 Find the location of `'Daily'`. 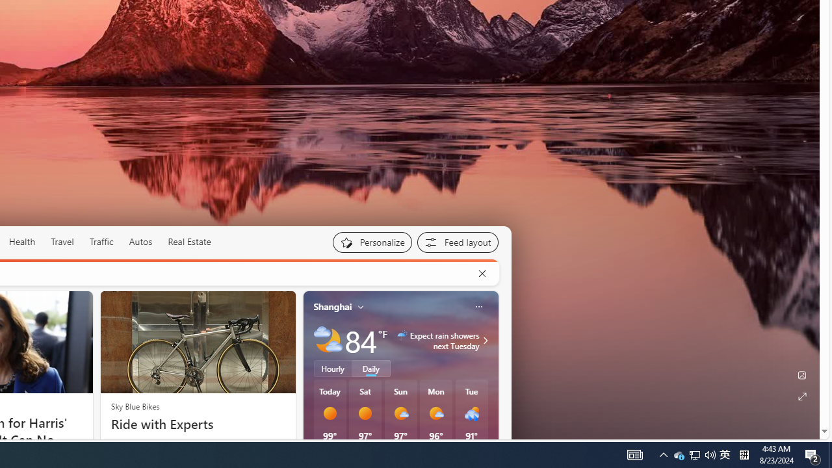

'Daily' is located at coordinates (370, 369).